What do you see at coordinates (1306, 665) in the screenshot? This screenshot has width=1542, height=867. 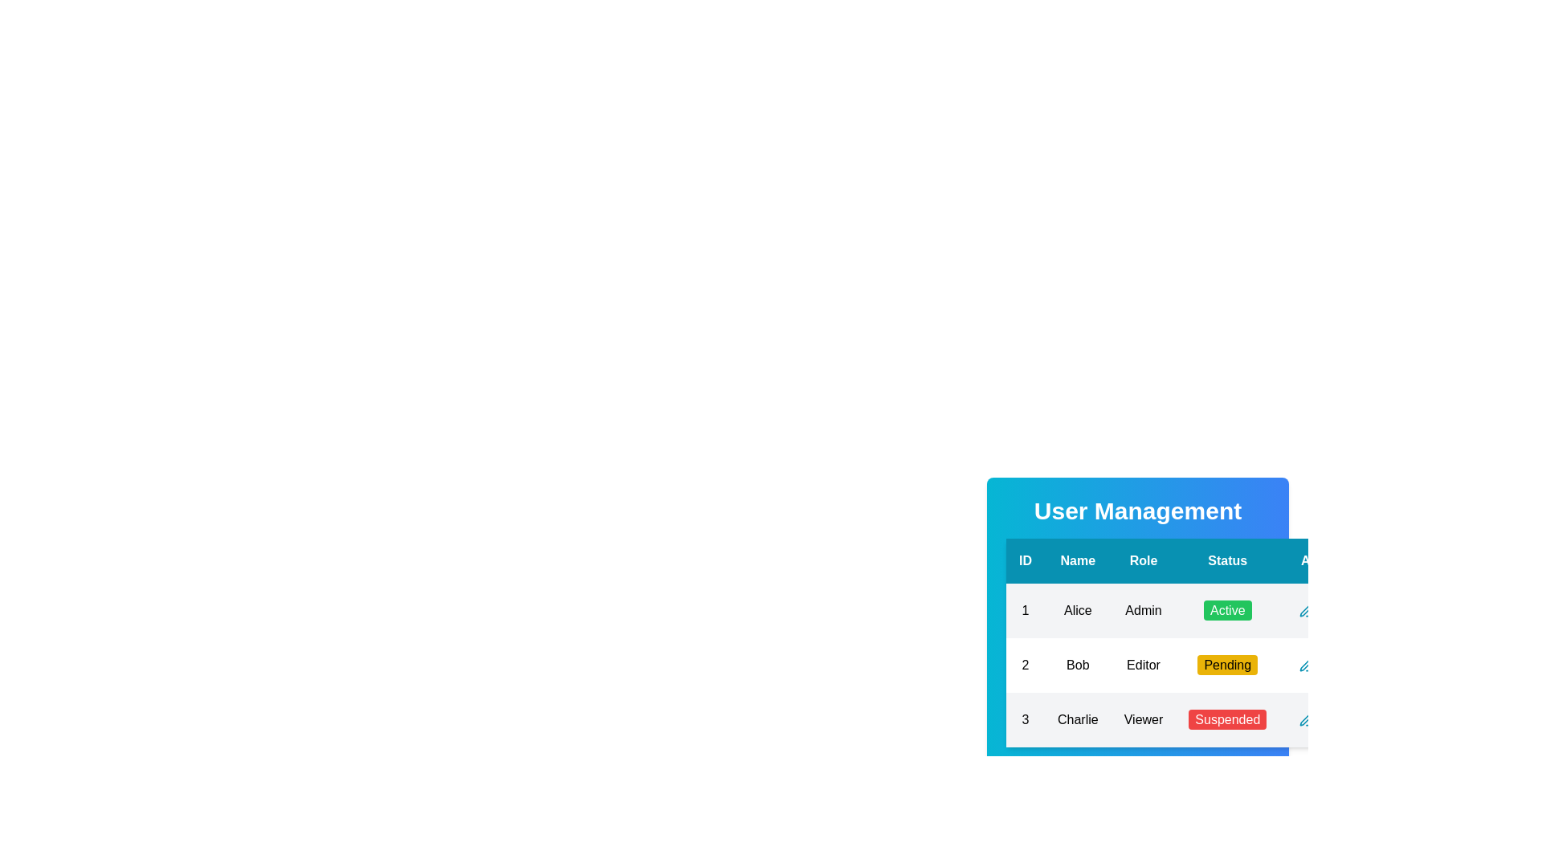 I see `the pen-shaped icon` at bounding box center [1306, 665].